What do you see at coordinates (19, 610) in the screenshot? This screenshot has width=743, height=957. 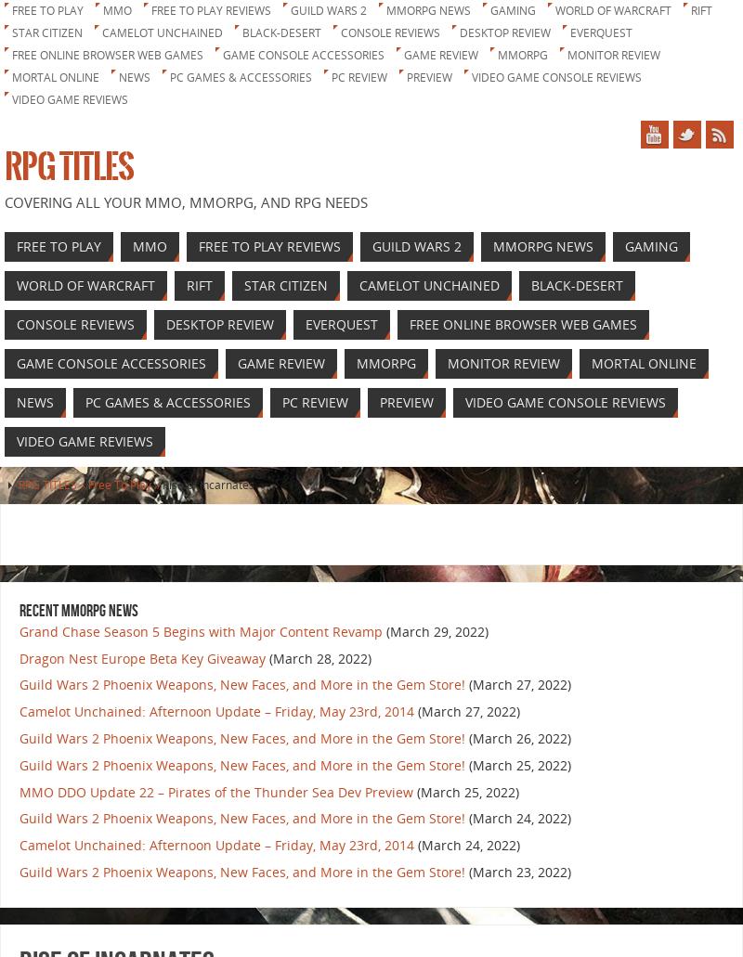 I see `'Recent MMORPG News'` at bounding box center [19, 610].